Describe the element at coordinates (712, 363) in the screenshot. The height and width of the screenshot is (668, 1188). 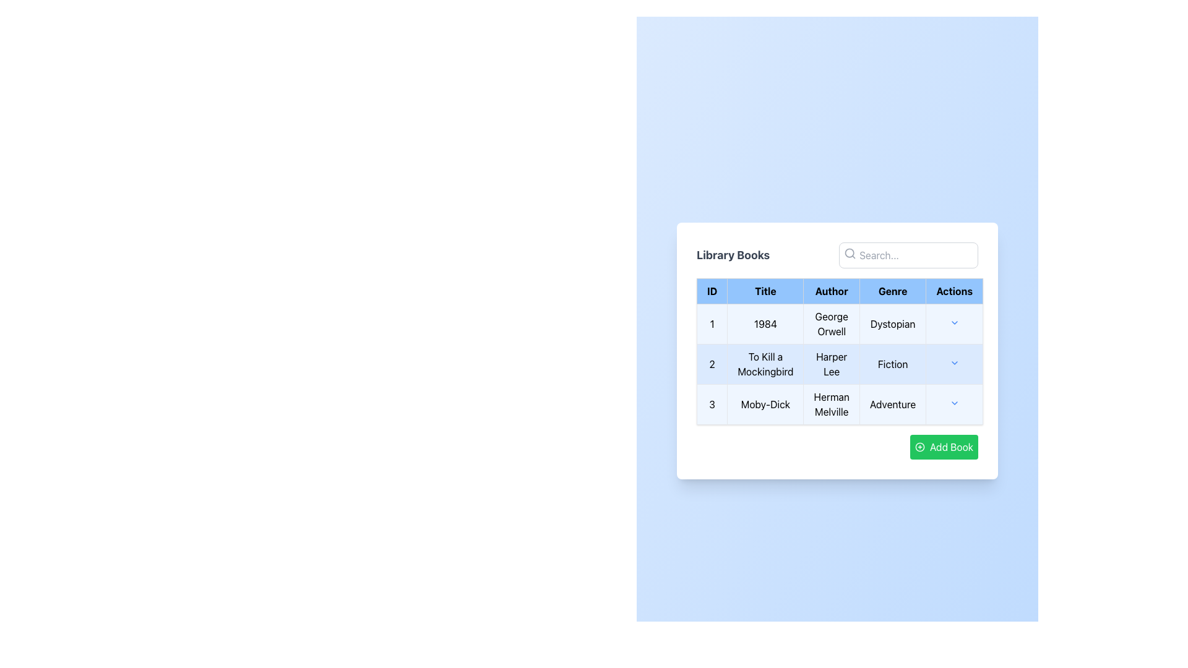
I see `the static text label displaying the number '2', located in the first cell of the second row of the table, beneath the header 'ID' and adjacent to the 'Title' cell` at that location.